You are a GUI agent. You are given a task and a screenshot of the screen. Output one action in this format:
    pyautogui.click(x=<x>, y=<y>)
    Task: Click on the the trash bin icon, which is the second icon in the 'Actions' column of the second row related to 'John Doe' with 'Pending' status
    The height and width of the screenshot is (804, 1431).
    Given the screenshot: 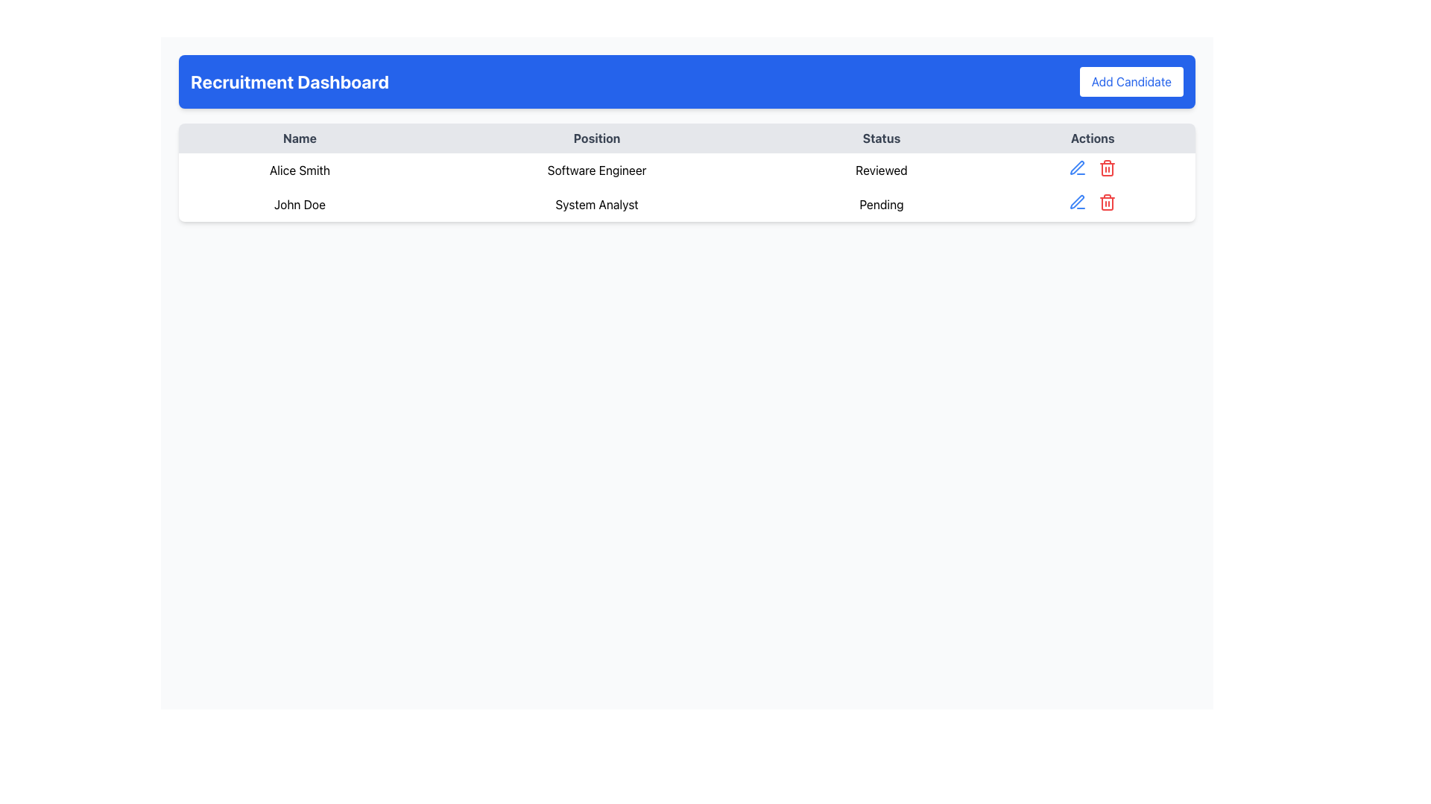 What is the action you would take?
    pyautogui.click(x=1108, y=167)
    